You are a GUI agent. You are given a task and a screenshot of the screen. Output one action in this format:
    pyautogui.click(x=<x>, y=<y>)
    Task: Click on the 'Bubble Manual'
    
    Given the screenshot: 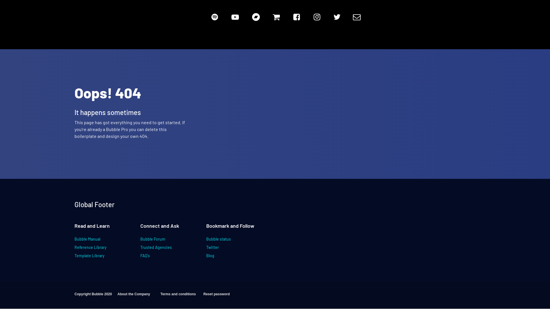 What is the action you would take?
    pyautogui.click(x=96, y=241)
    